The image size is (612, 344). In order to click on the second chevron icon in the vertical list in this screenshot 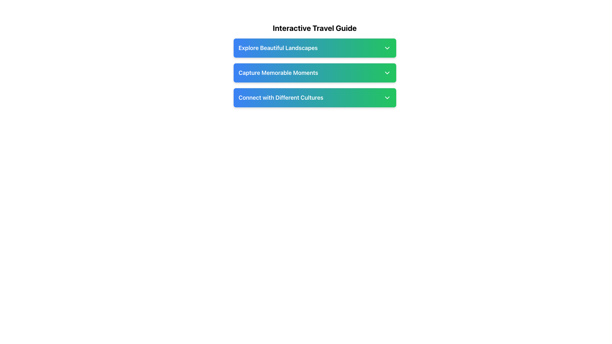, I will do `click(387, 72)`.